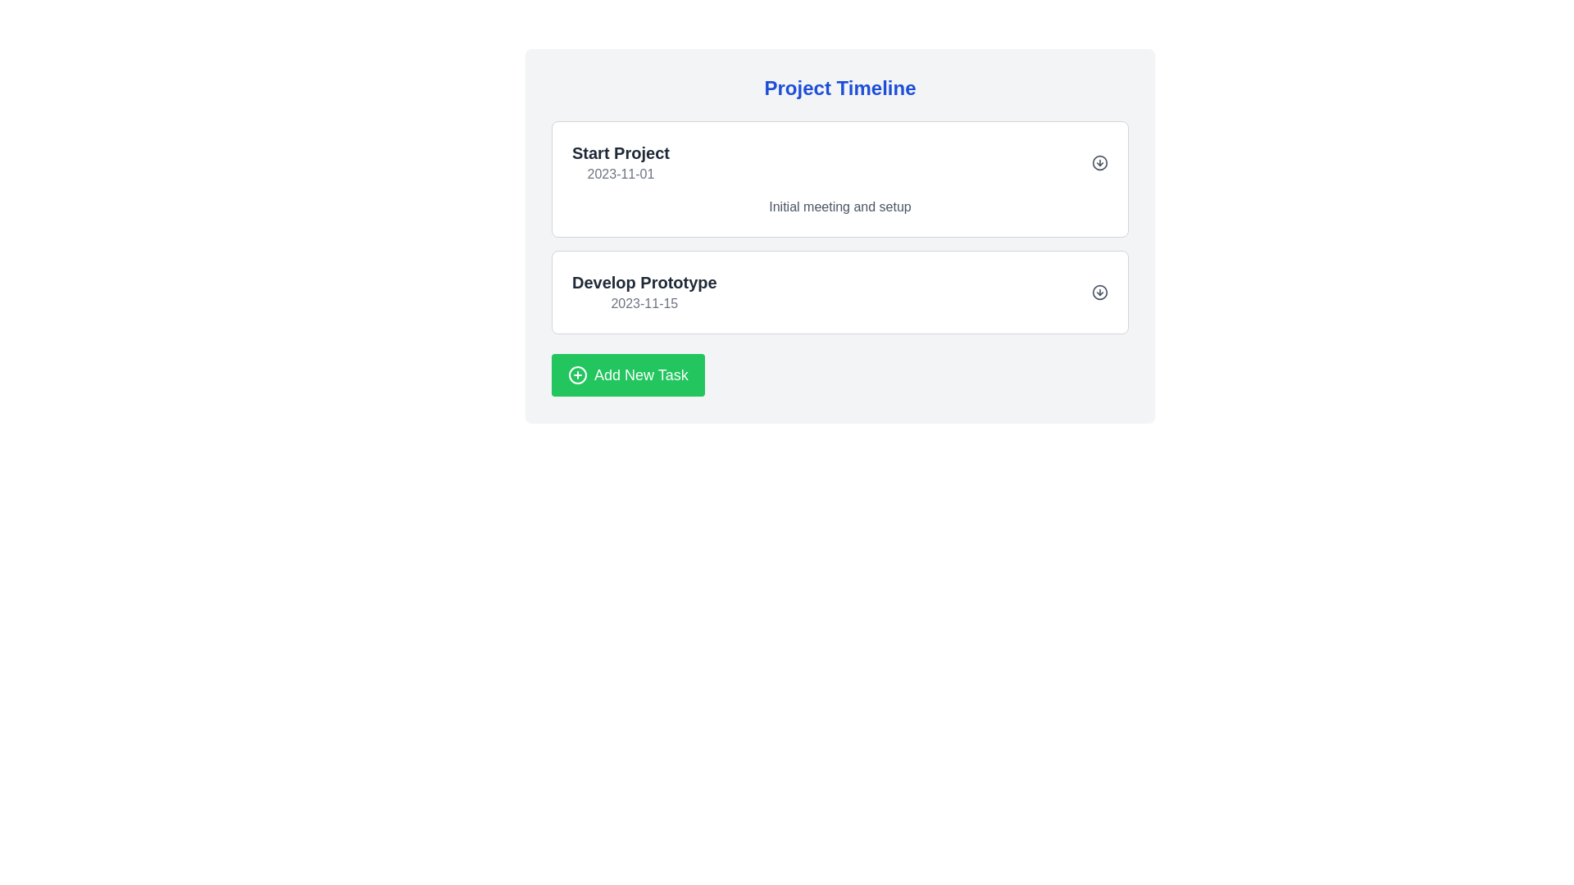 This screenshot has height=885, width=1574. What do you see at coordinates (1100, 292) in the screenshot?
I see `the interactive icon button located on the right side of the 'Develop Prototype' task line, near the timestamp '2023-11-15'` at bounding box center [1100, 292].